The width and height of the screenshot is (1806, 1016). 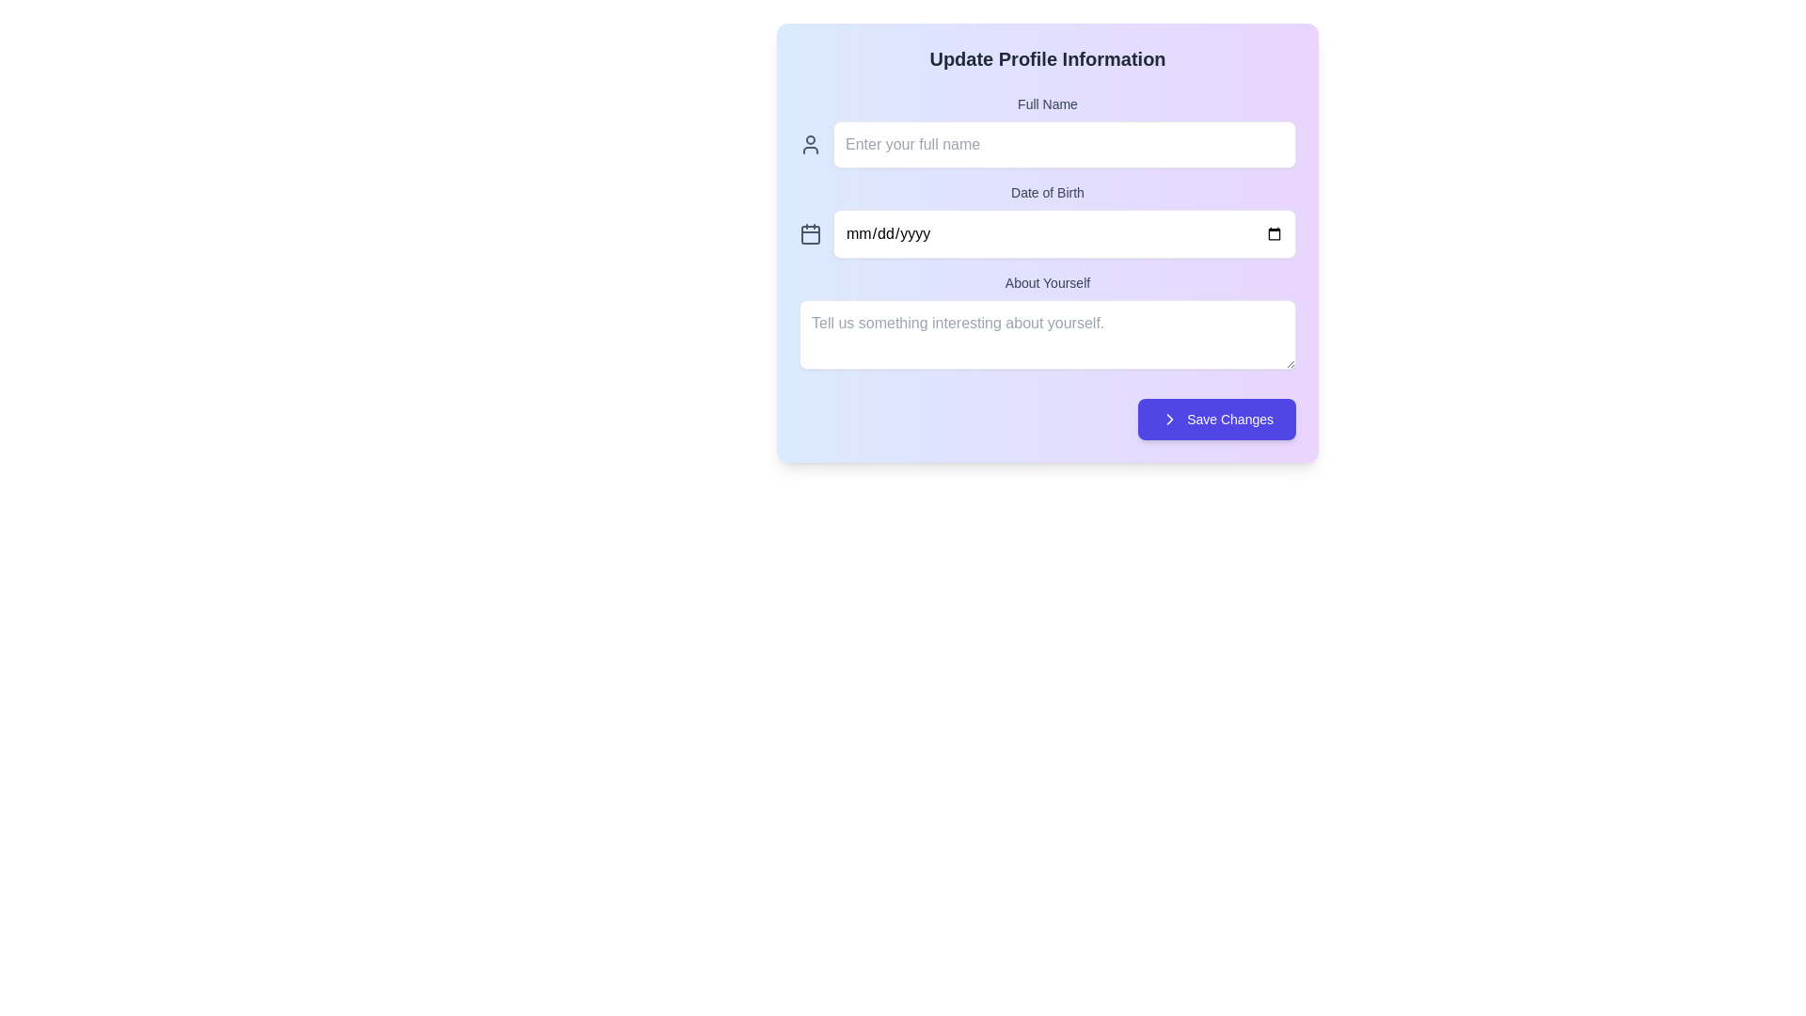 I want to click on the text input area located below the label 'About Yourself', so click(x=1046, y=333).